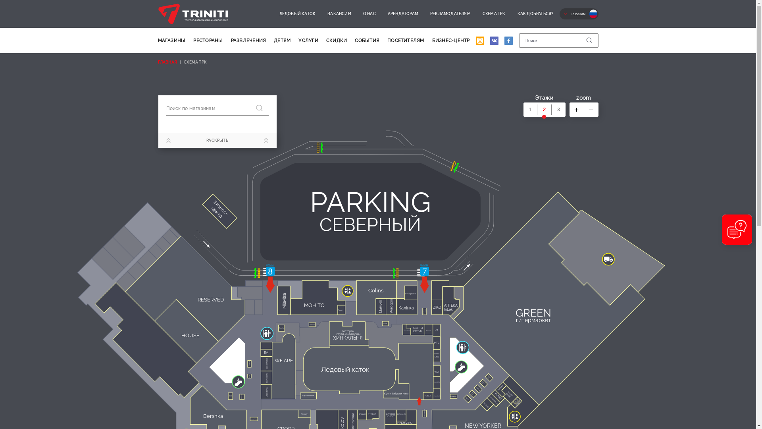 The height and width of the screenshot is (429, 762). I want to click on 'RUSSIAN', so click(559, 14).